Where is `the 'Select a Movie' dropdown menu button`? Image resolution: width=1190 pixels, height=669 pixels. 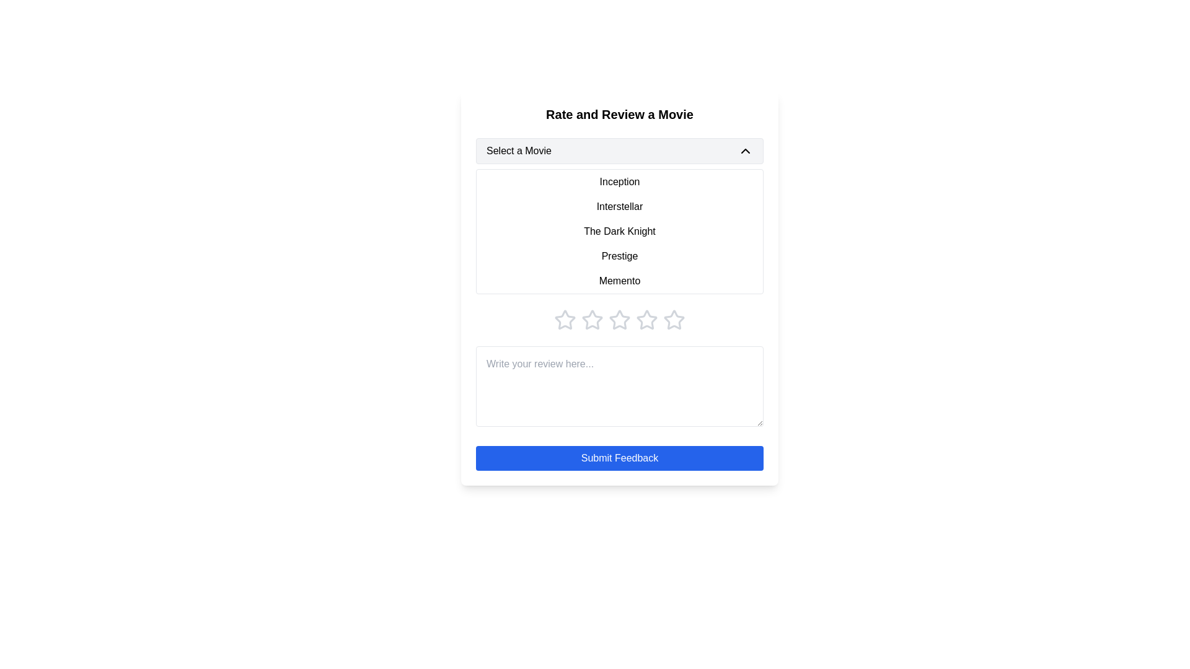 the 'Select a Movie' dropdown menu button is located at coordinates (619, 150).